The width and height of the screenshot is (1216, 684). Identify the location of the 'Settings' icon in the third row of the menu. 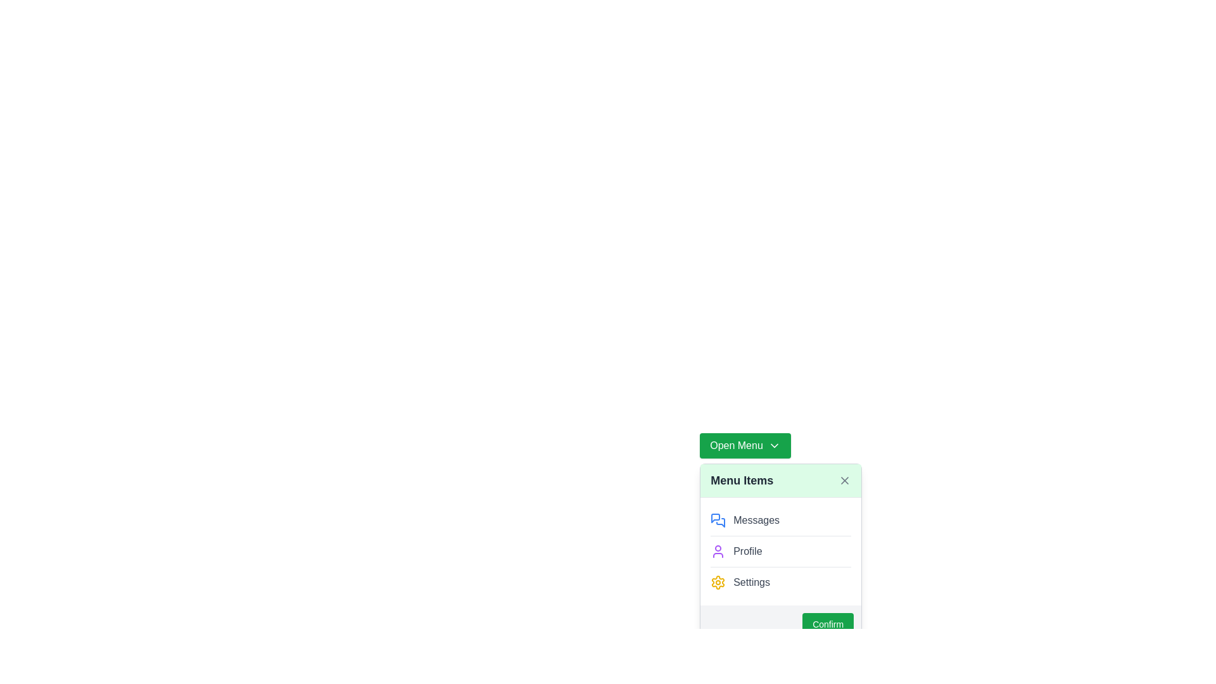
(718, 583).